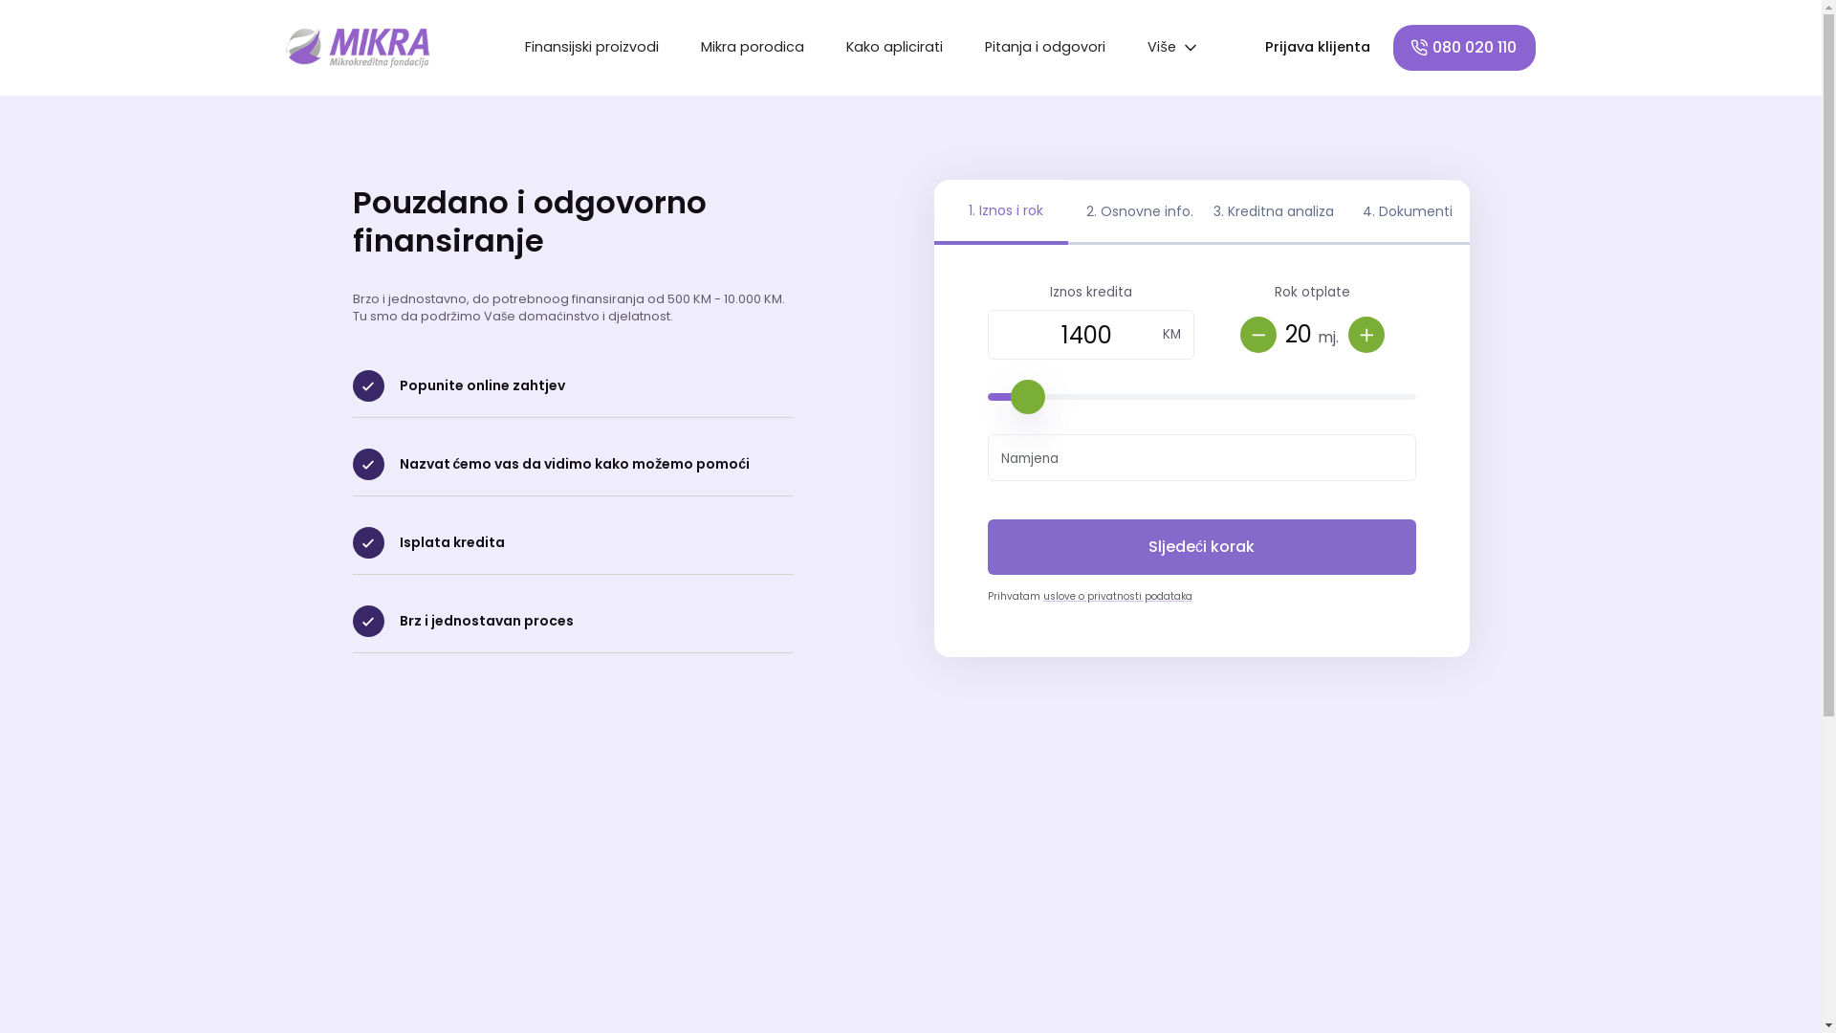 This screenshot has height=1033, width=1836. Describe the element at coordinates (591, 46) in the screenshot. I see `'Finansijski proizvodi'` at that location.